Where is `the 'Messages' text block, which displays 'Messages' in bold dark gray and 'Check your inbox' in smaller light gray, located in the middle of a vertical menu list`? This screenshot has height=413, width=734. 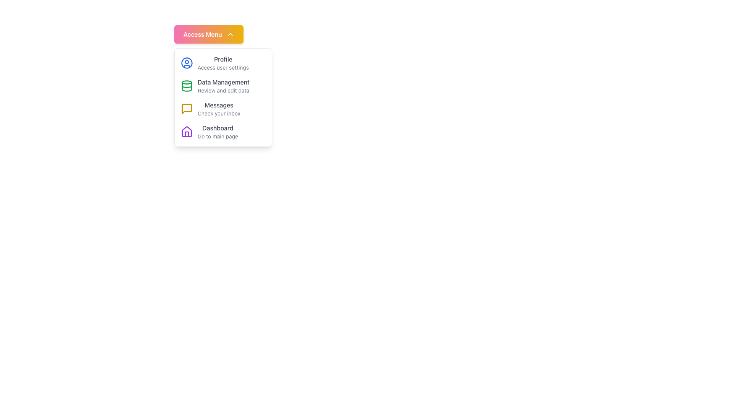 the 'Messages' text block, which displays 'Messages' in bold dark gray and 'Check your inbox' in smaller light gray, located in the middle of a vertical menu list is located at coordinates (218, 109).